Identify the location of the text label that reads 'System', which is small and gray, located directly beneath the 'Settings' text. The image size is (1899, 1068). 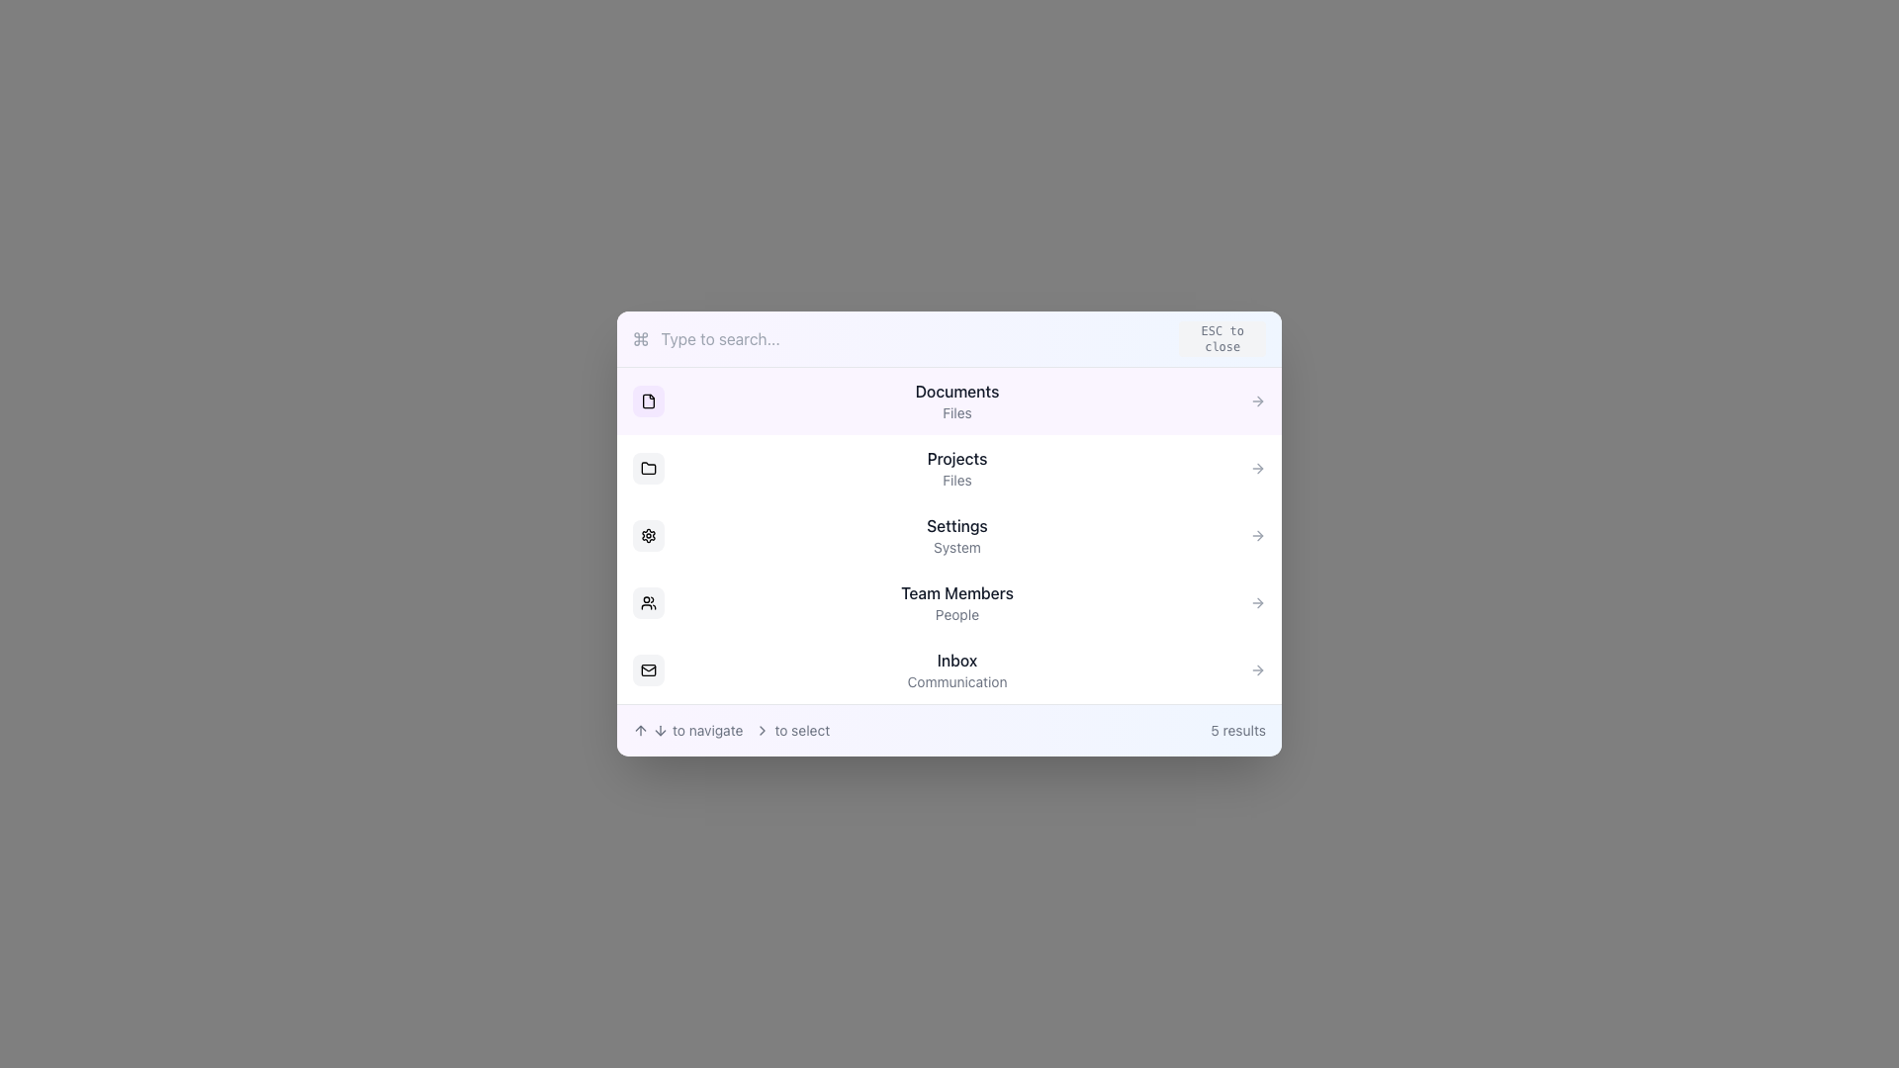
(957, 548).